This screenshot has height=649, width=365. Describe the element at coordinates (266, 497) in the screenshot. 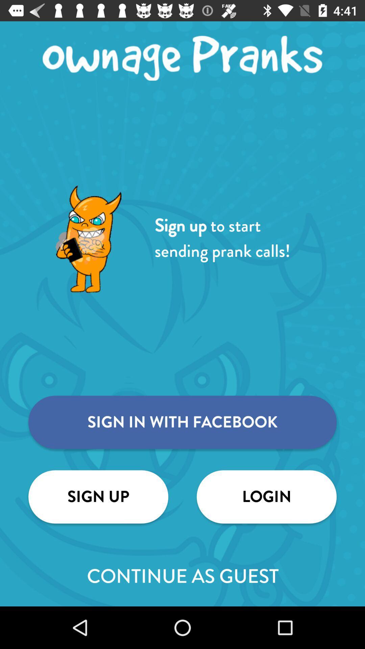

I see `the icon next to the sign up icon` at that location.